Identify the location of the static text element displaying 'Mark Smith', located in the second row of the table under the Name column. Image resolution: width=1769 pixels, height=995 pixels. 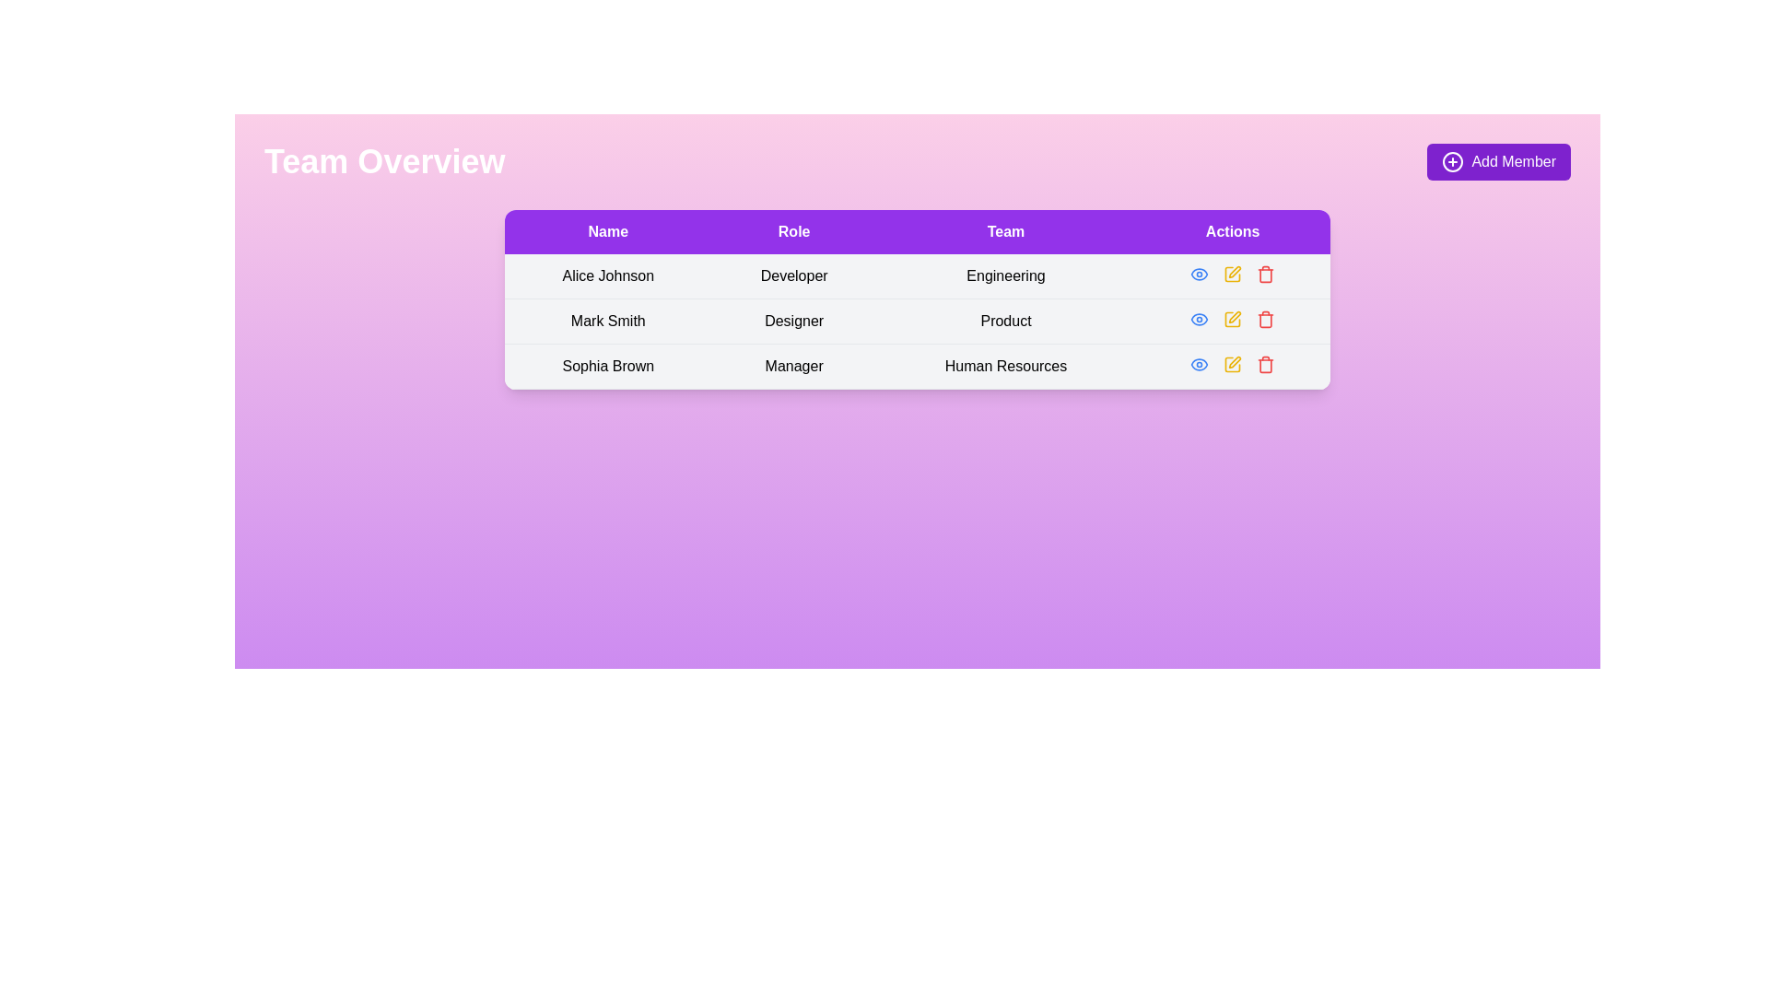
(608, 320).